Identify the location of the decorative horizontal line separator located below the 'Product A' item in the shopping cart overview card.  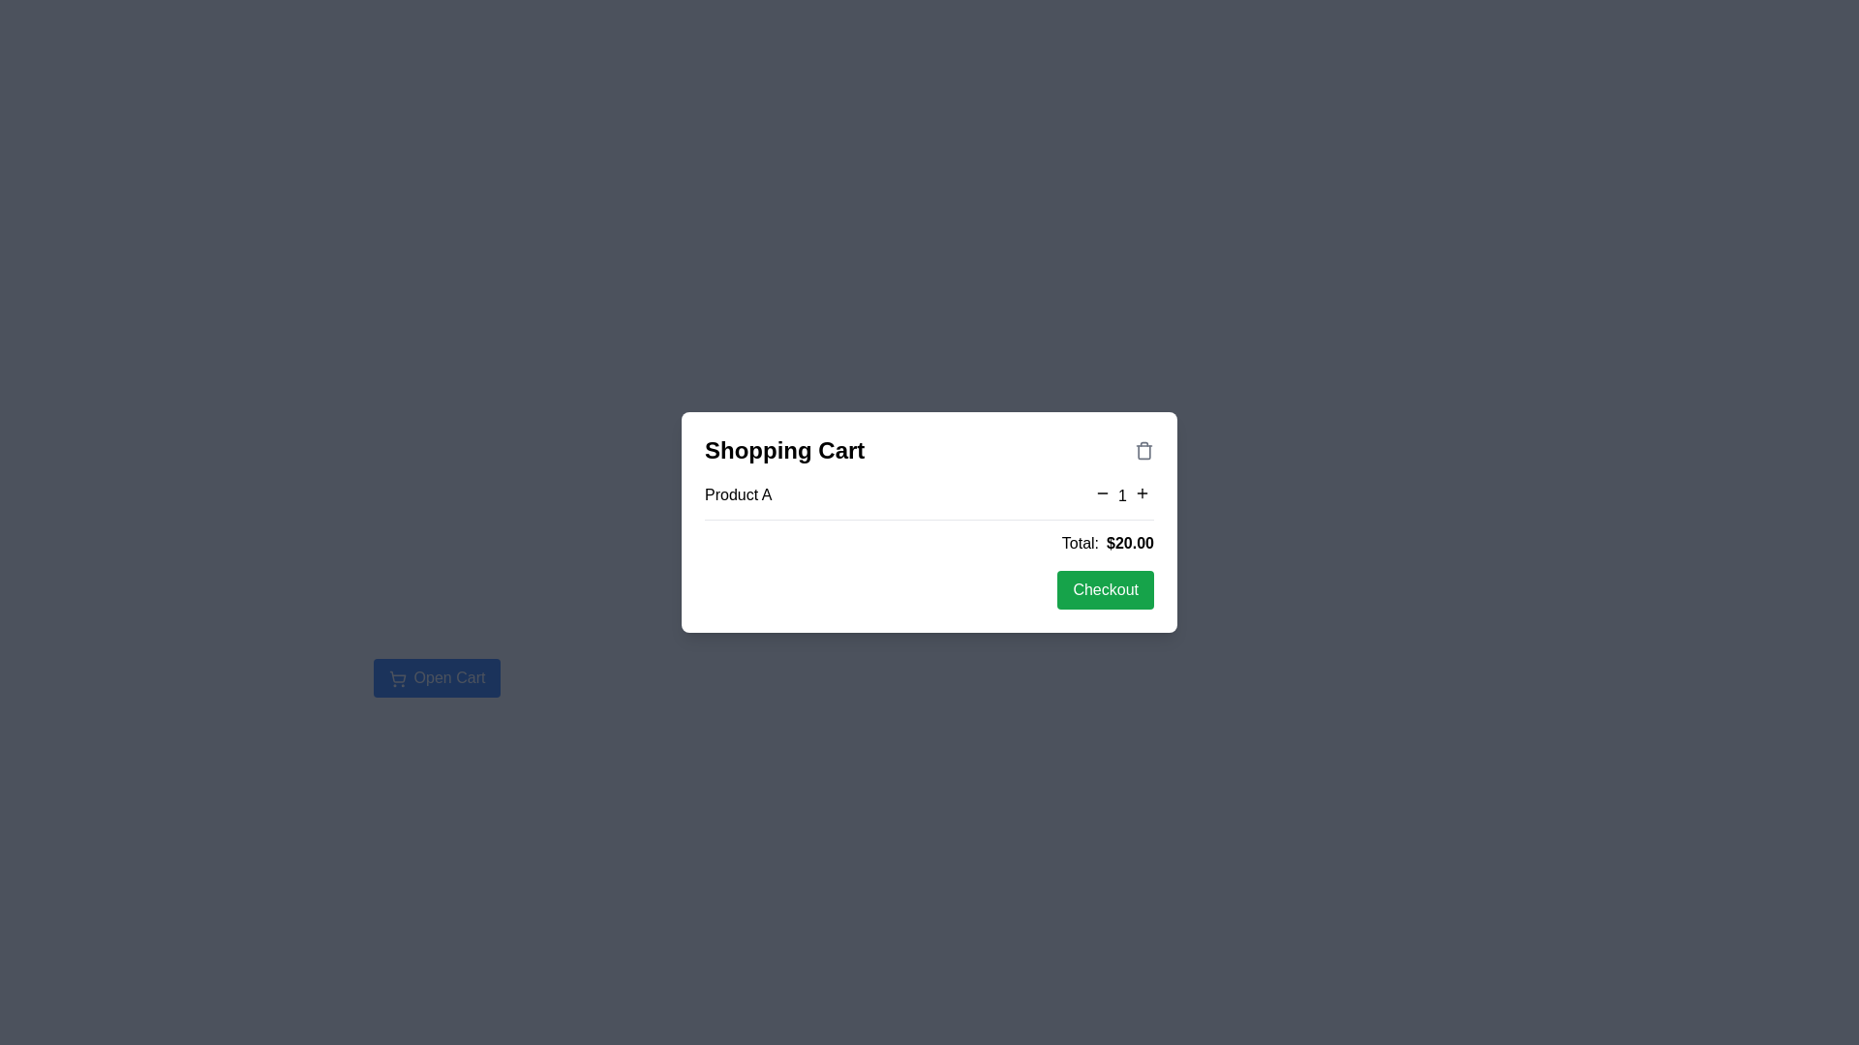
(929, 519).